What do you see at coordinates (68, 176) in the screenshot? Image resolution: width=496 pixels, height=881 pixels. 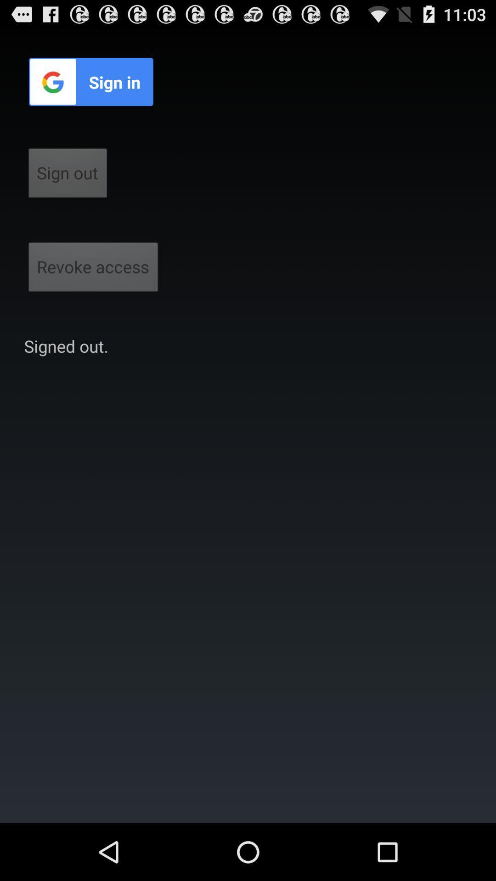 I see `sign out button` at bounding box center [68, 176].